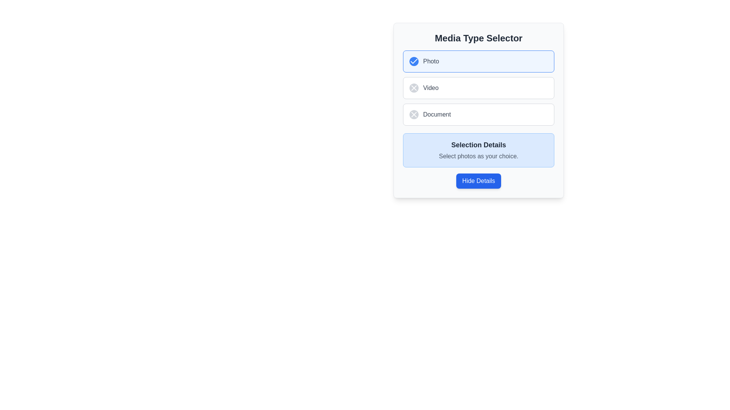 This screenshot has height=410, width=730. What do you see at coordinates (437, 114) in the screenshot?
I see `the 'Document' text label, which indicates the corresponding selection option in the 'Media Type Selector' section, located next to the radio button for this choice` at bounding box center [437, 114].